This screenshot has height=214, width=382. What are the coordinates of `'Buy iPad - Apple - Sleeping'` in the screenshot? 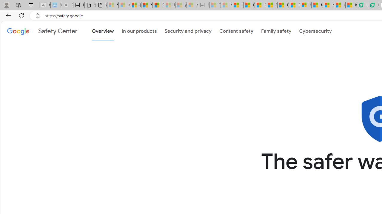 It's located at (67, 5).